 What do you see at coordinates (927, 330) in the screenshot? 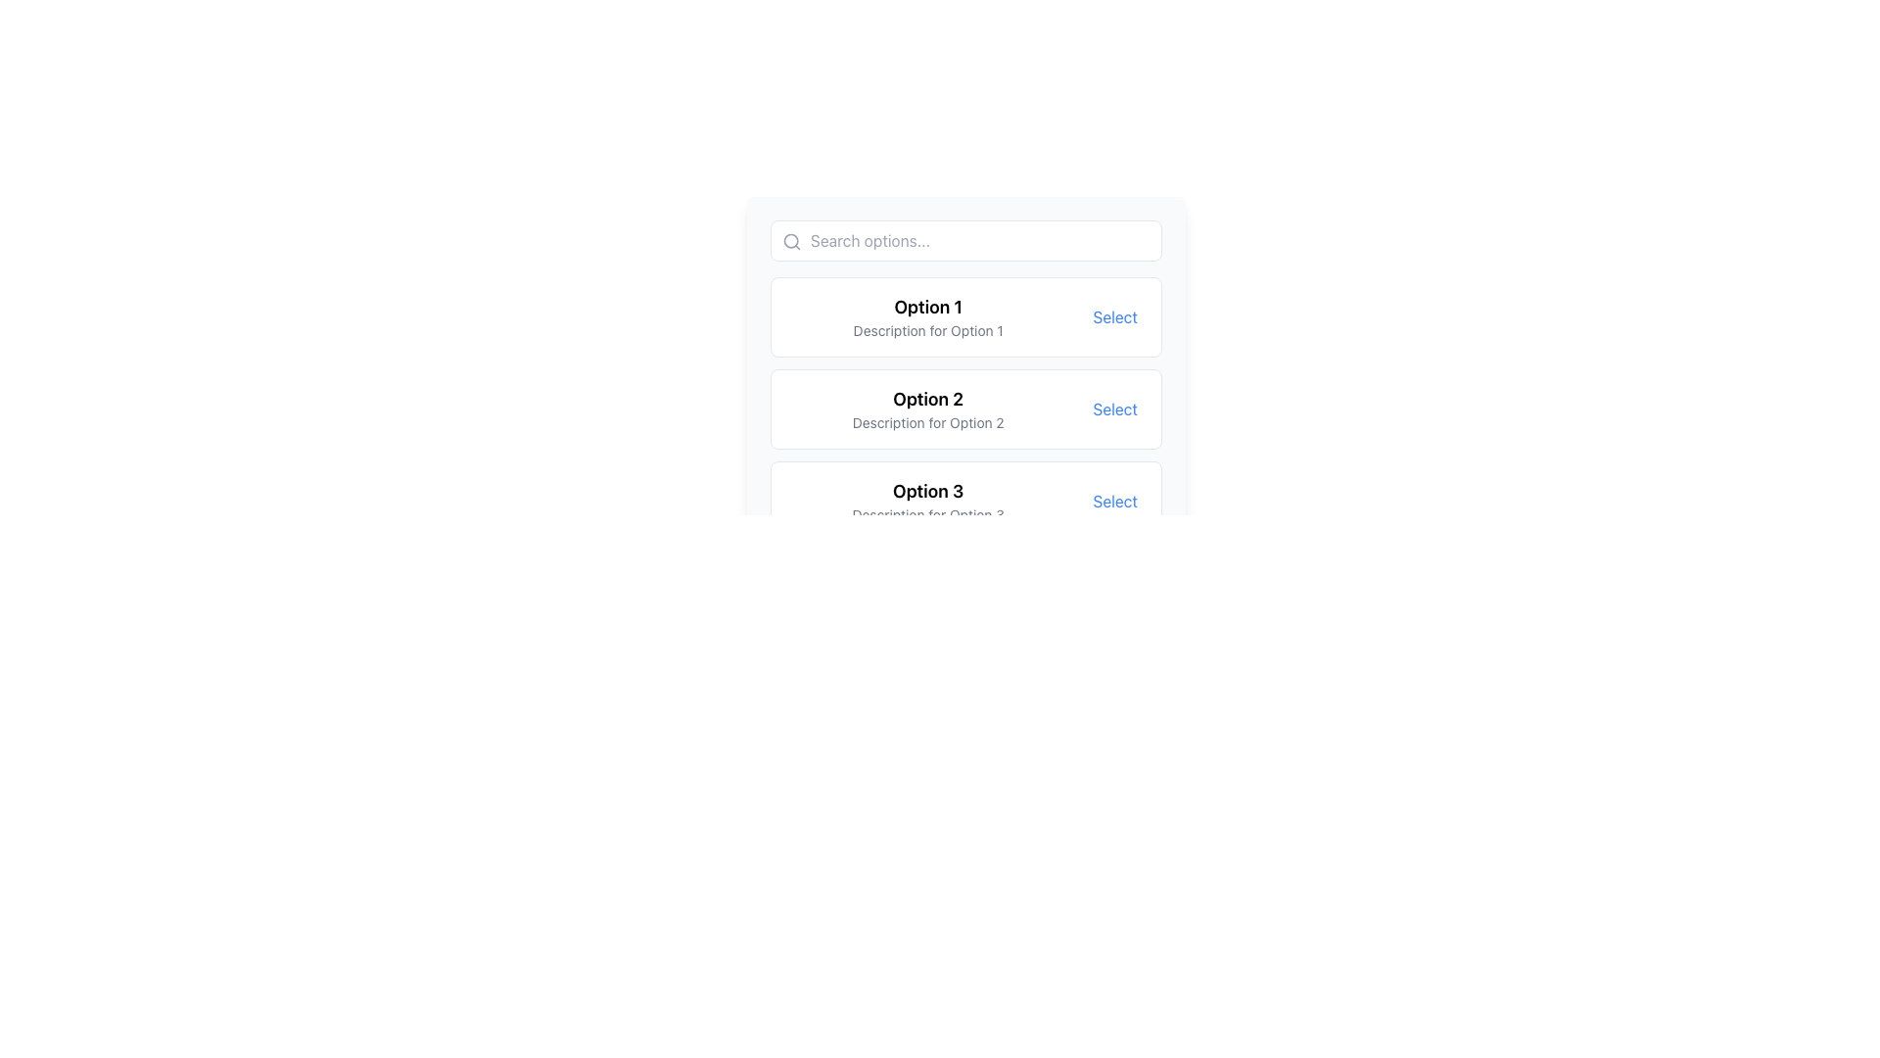
I see `the text label displaying 'Description for Option 1', which is aligned left and positioned below the title 'Option 1'` at bounding box center [927, 330].